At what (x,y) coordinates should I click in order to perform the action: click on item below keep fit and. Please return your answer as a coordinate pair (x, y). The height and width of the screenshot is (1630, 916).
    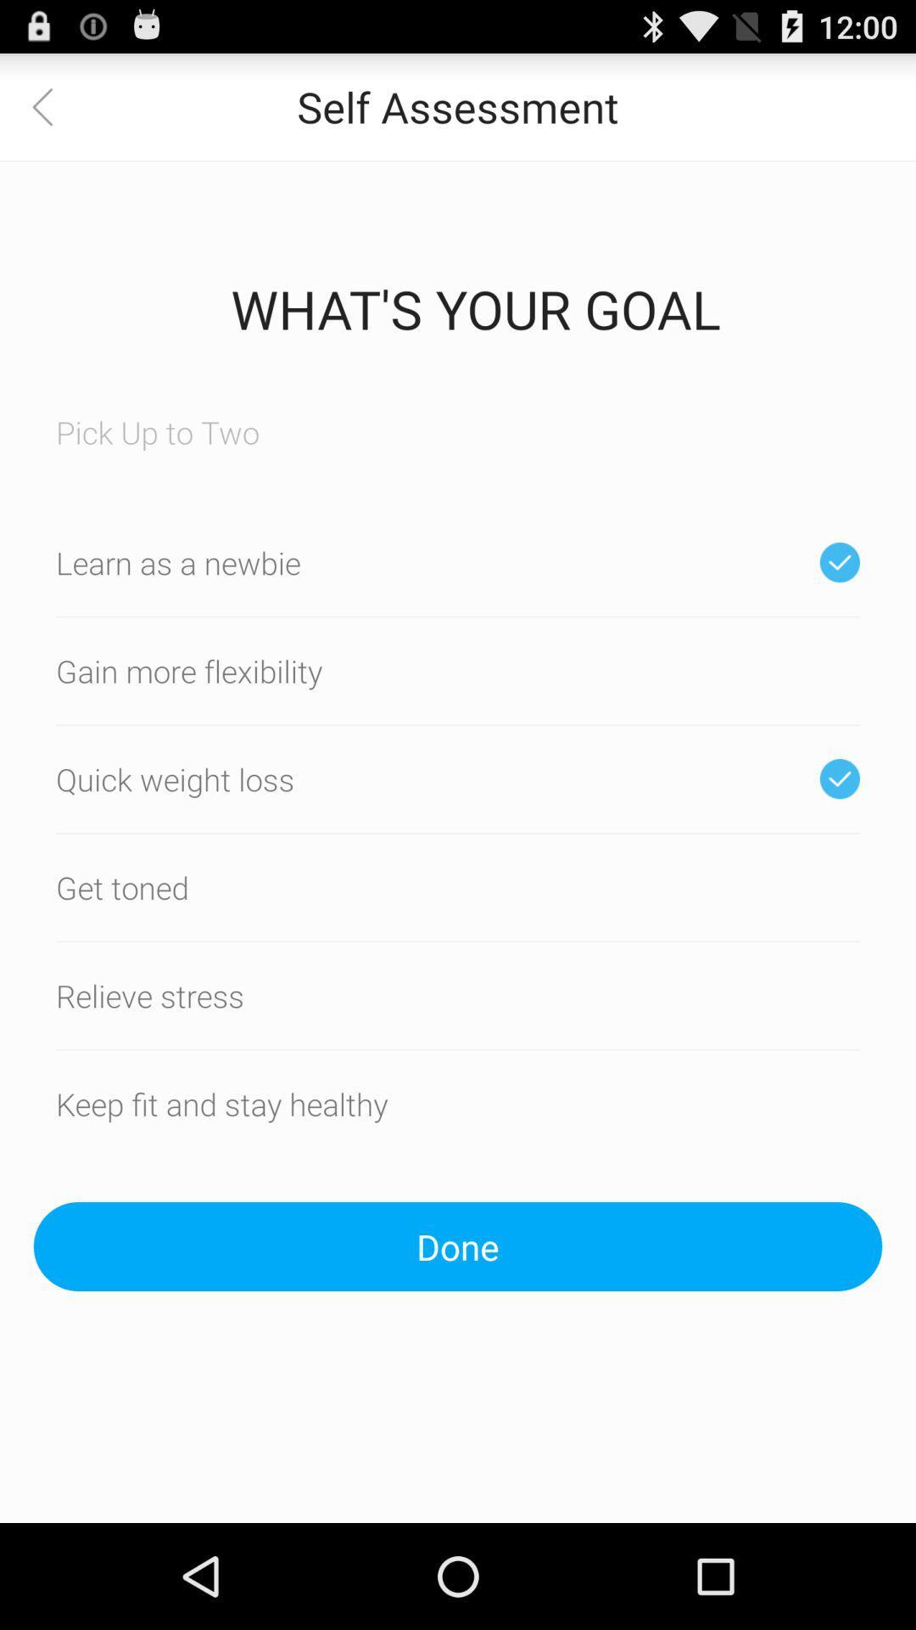
    Looking at the image, I should click on (458, 1246).